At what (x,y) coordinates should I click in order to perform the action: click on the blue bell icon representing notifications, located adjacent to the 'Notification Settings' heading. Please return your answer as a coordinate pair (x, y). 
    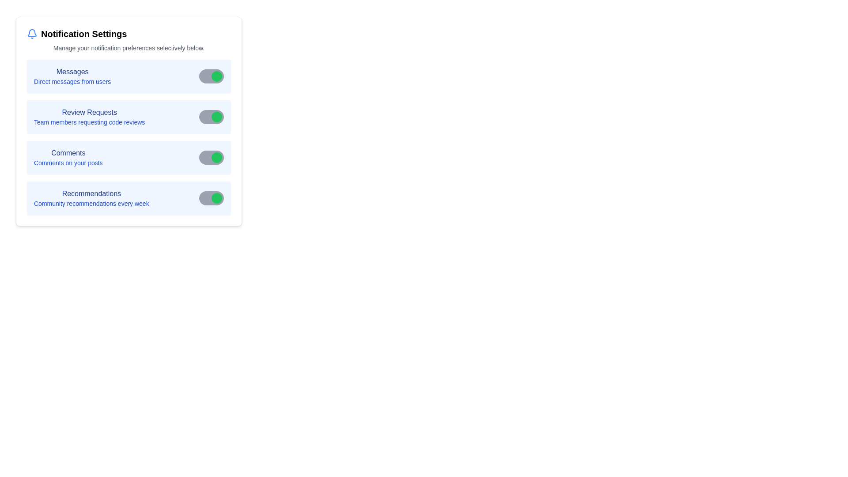
    Looking at the image, I should click on (32, 34).